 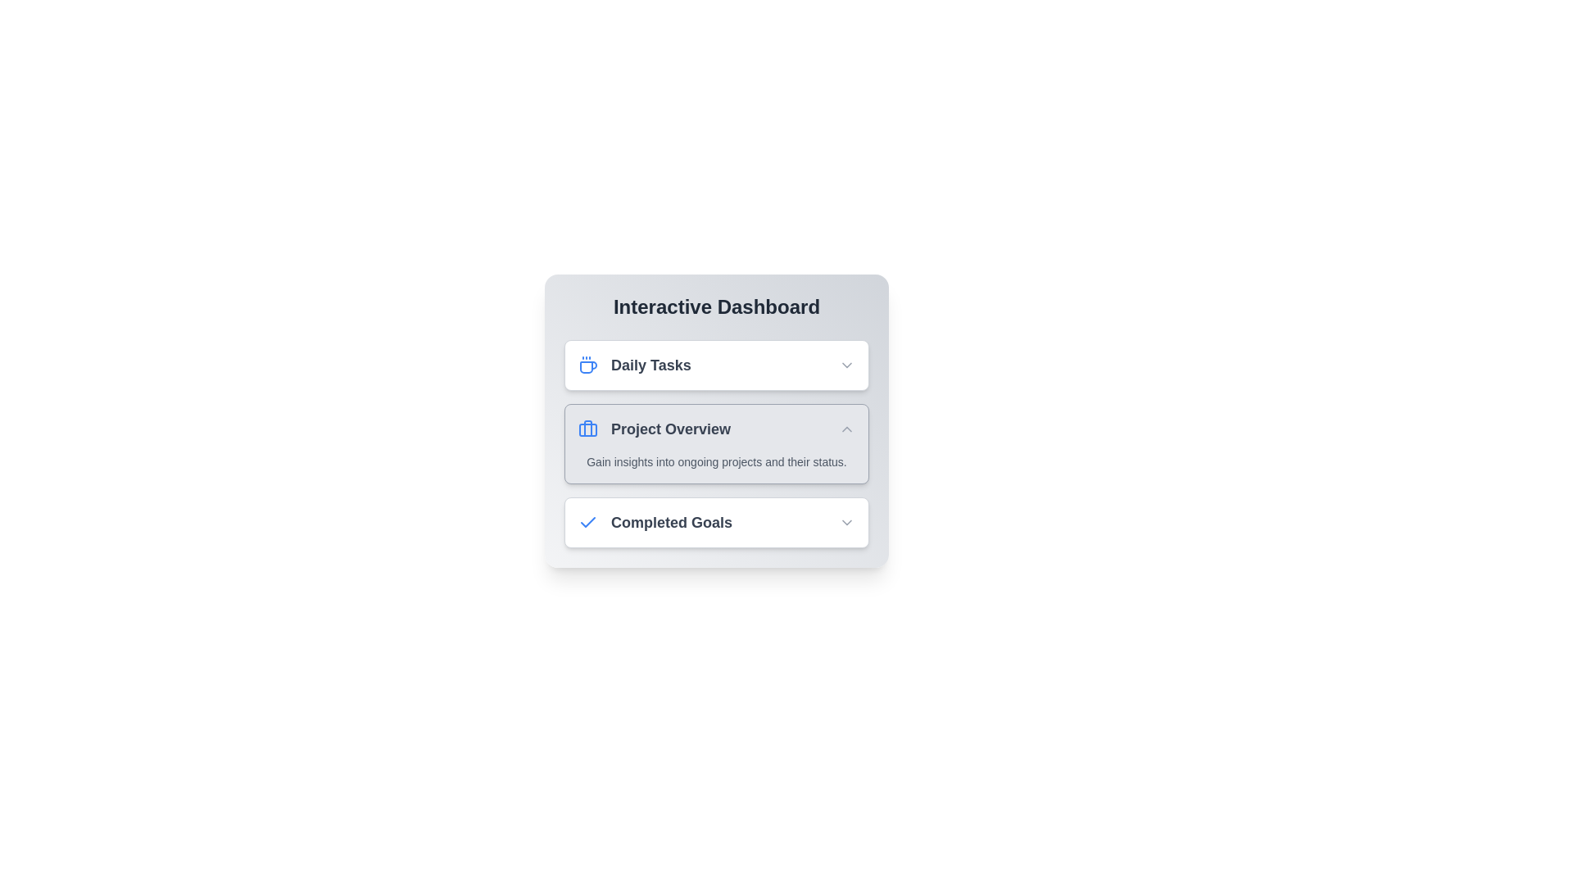 I want to click on the section titled Daily Tasks to toggle its expanded state, so click(x=716, y=365).